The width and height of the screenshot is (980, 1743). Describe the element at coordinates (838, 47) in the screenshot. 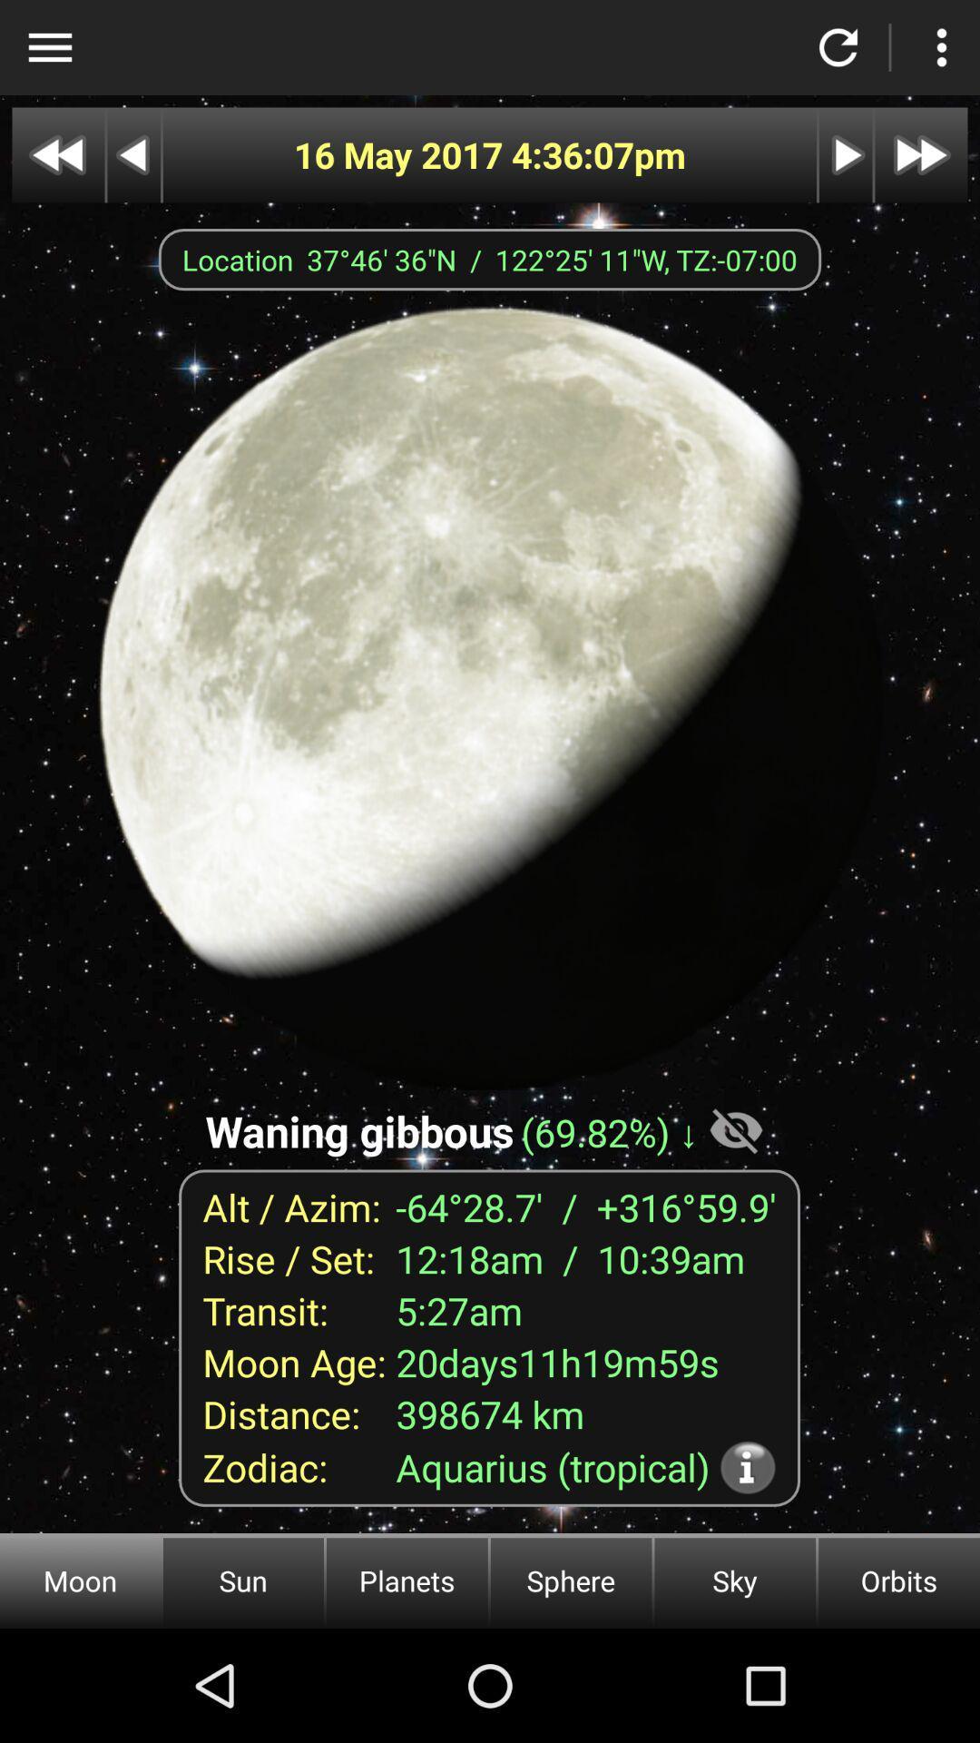

I see `refresh screen` at that location.